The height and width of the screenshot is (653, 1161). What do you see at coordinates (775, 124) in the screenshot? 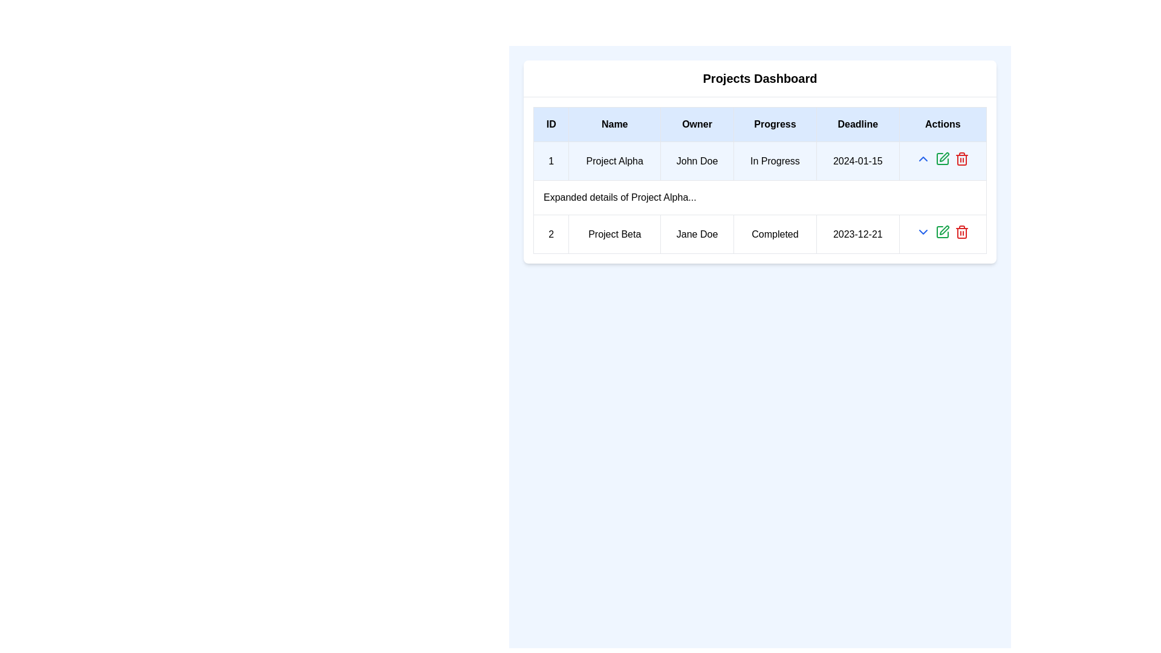
I see `the 'Progress' header text which is the fourth header in the row of the table under the 'Projects Dashboard' title` at bounding box center [775, 124].